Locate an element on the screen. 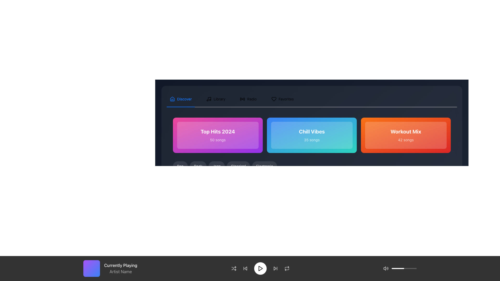  the heart-shaped 'Favorite' icon is located at coordinates (273, 99).